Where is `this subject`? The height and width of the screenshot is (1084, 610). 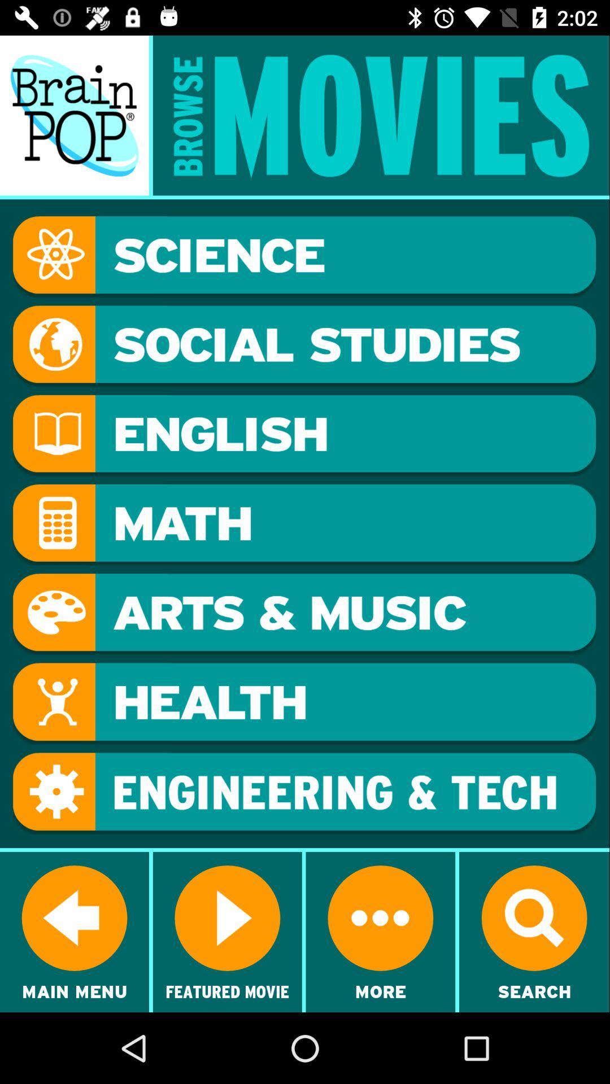
this subject is located at coordinates (304, 435).